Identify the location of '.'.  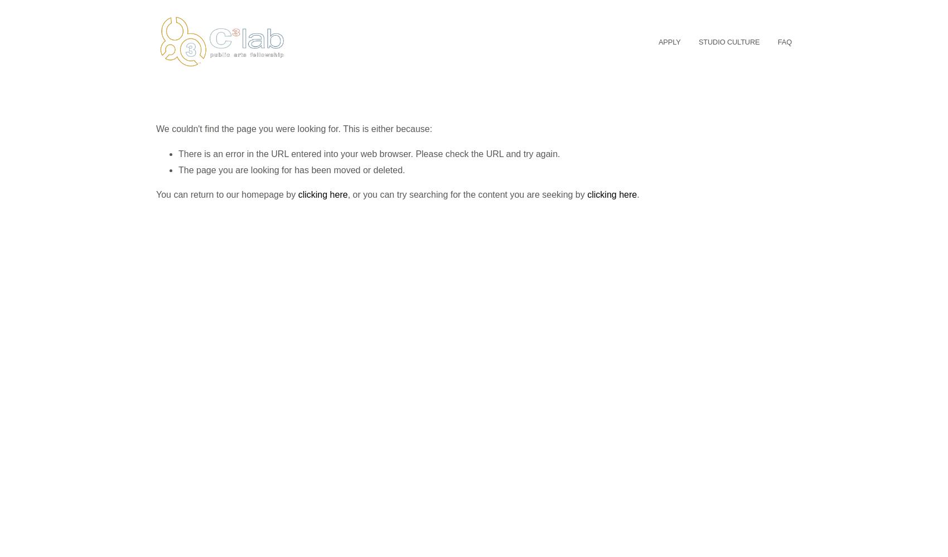
(637, 194).